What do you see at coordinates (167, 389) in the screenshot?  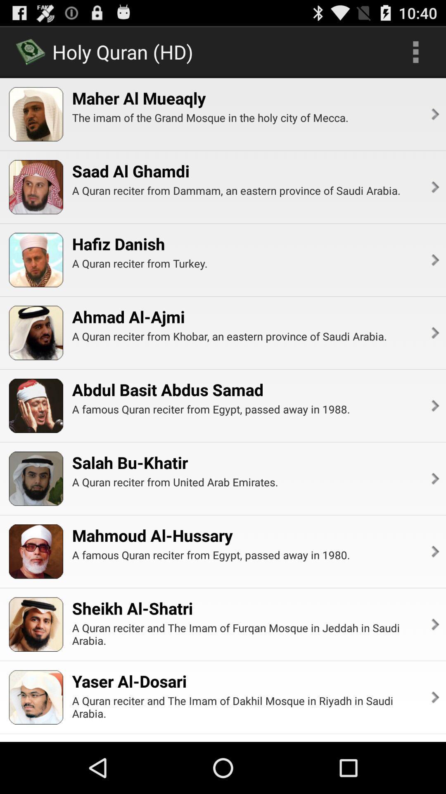 I see `the abdul basit abdus item` at bounding box center [167, 389].